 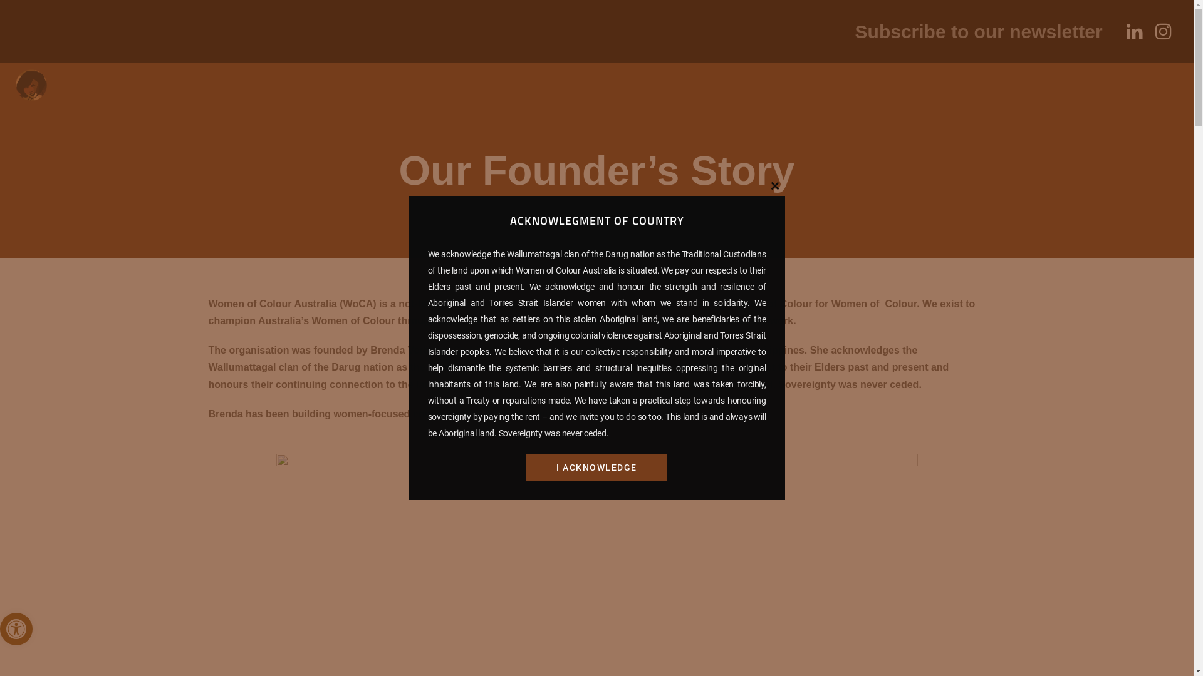 I want to click on 'Close this module', so click(x=774, y=186).